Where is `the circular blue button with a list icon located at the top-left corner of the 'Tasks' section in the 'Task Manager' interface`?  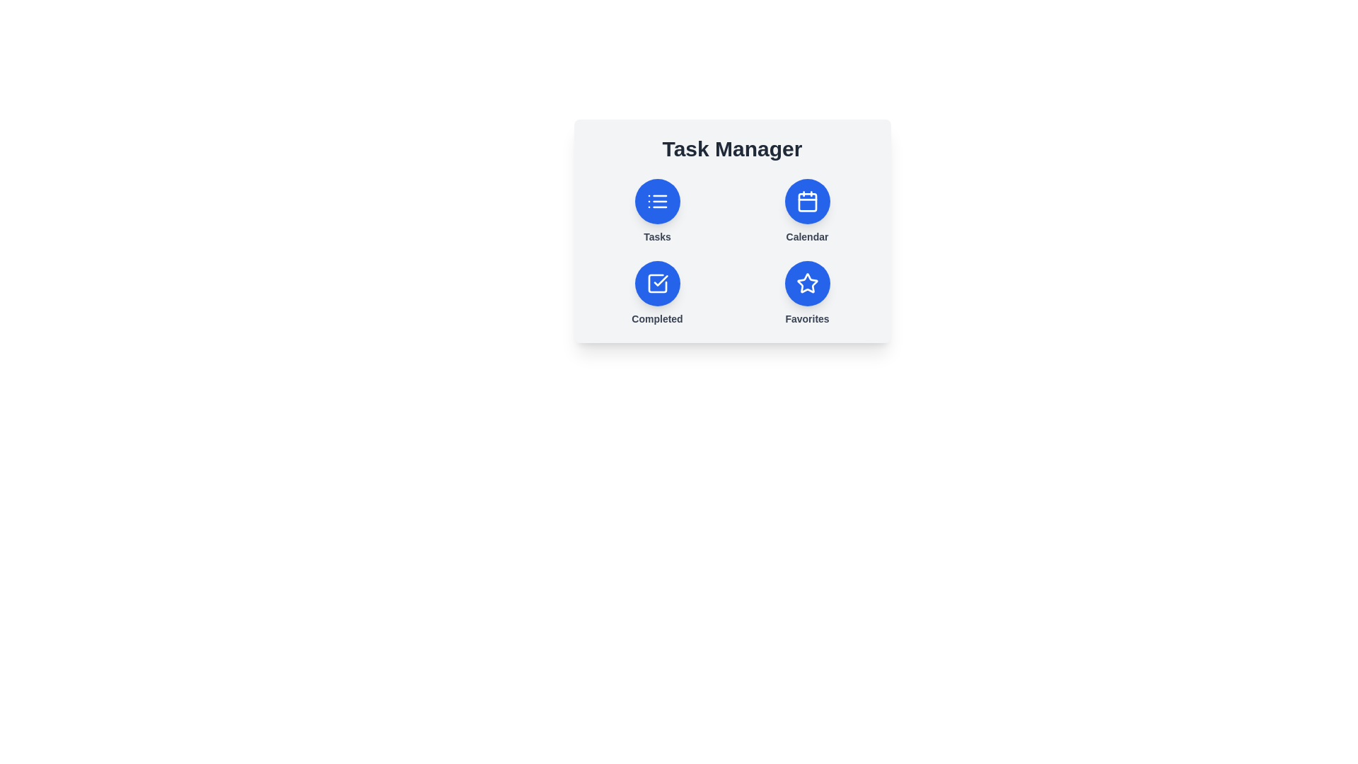 the circular blue button with a list icon located at the top-left corner of the 'Tasks' section in the 'Task Manager' interface is located at coordinates (656, 202).